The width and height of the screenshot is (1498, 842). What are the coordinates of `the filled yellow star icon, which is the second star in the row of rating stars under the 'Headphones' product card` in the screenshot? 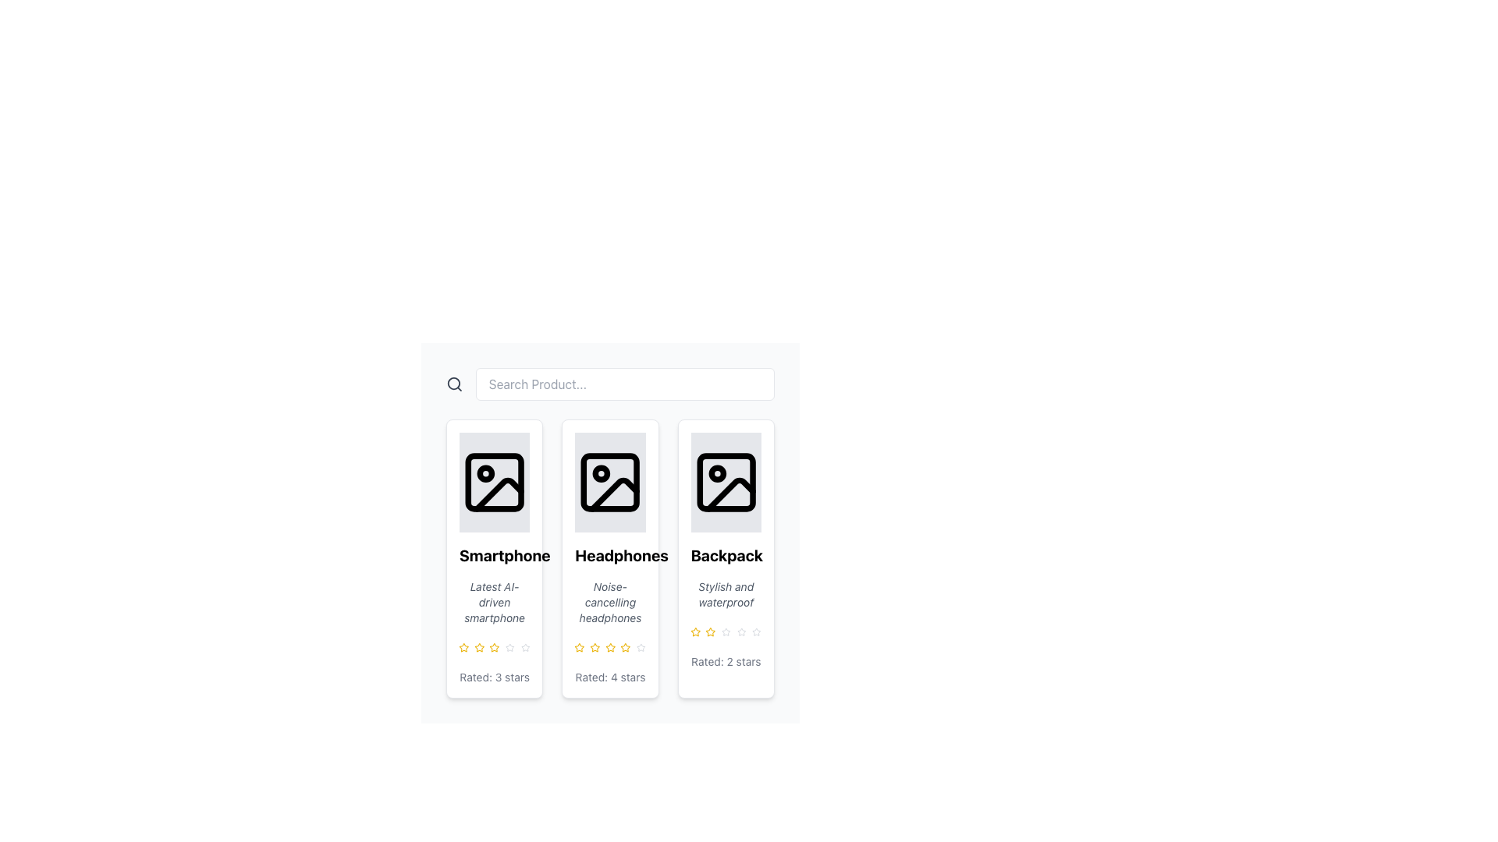 It's located at (579, 647).